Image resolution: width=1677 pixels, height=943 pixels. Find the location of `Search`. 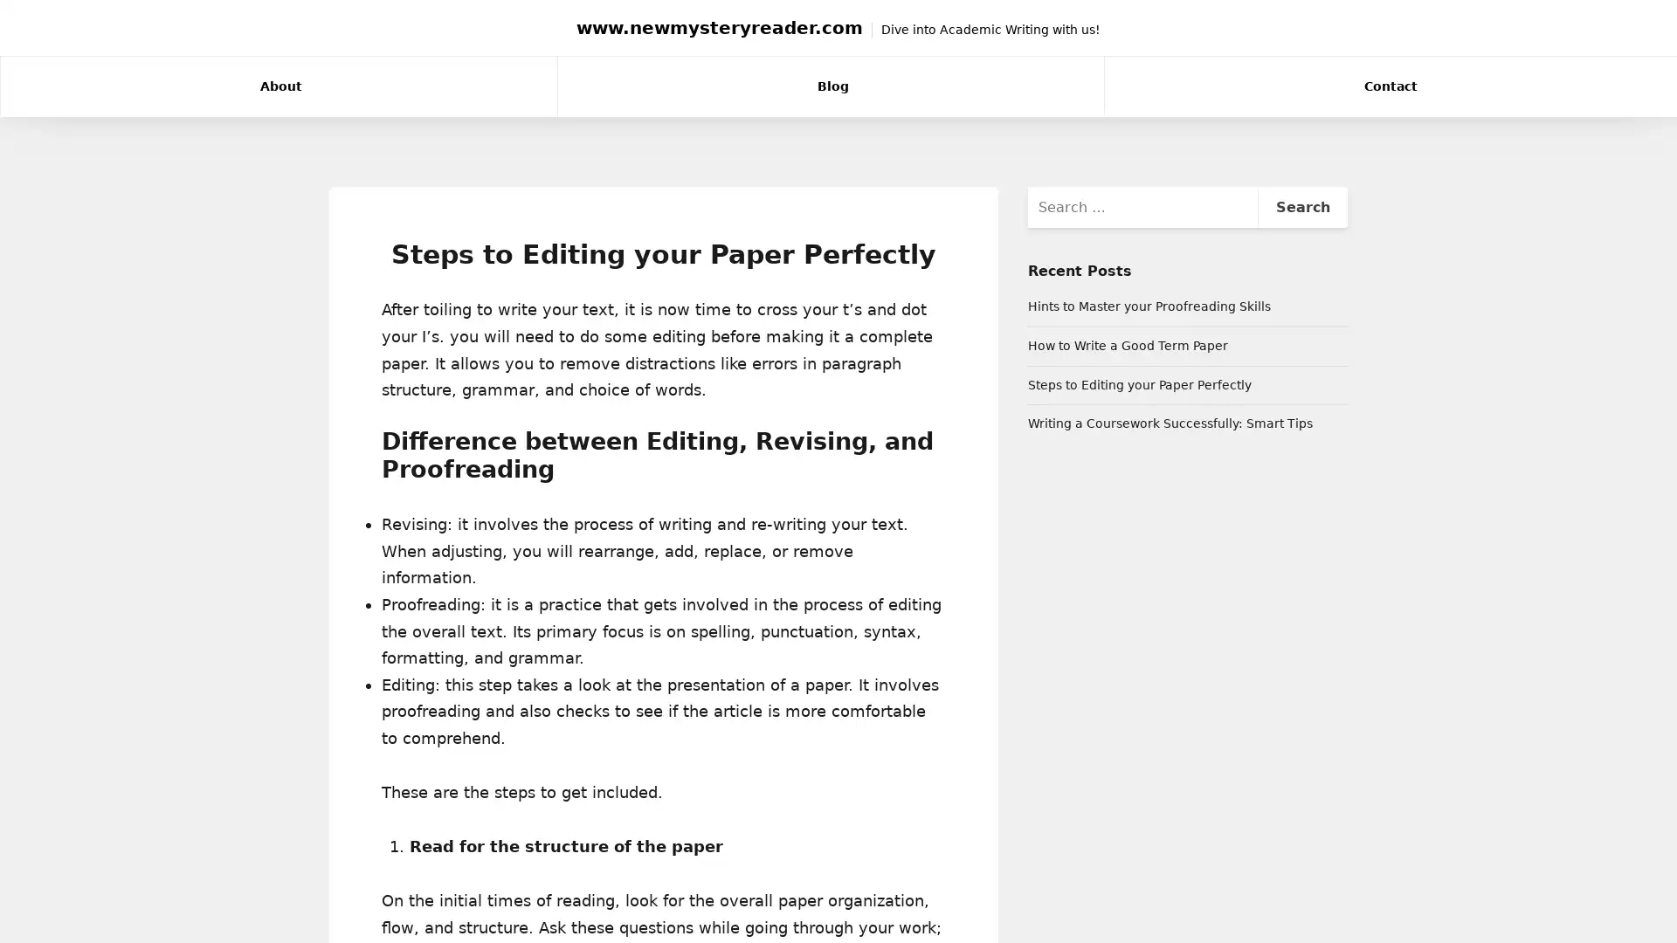

Search is located at coordinates (1301, 205).